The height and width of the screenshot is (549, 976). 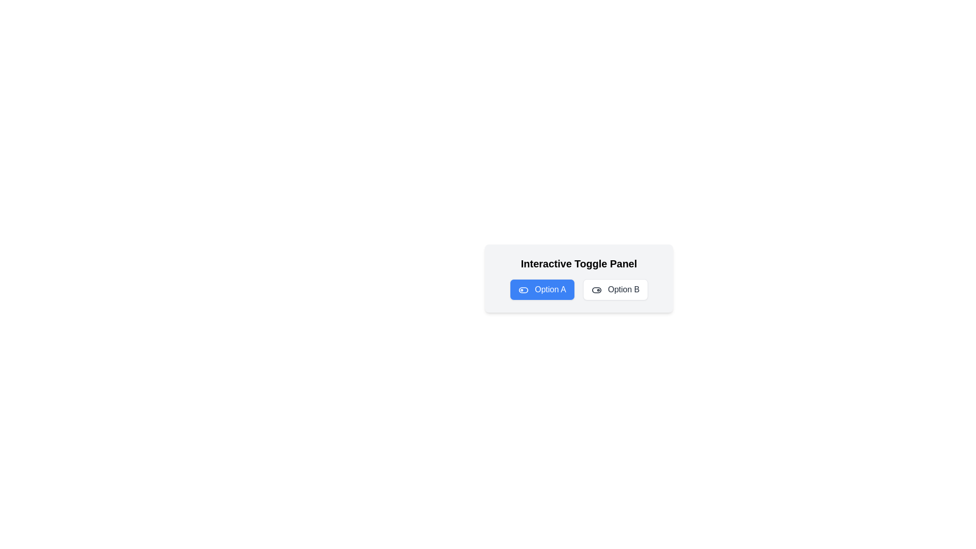 What do you see at coordinates (523, 290) in the screenshot?
I see `the toggle switch styled icon within the blue rectangular button labeled 'Option A'` at bounding box center [523, 290].